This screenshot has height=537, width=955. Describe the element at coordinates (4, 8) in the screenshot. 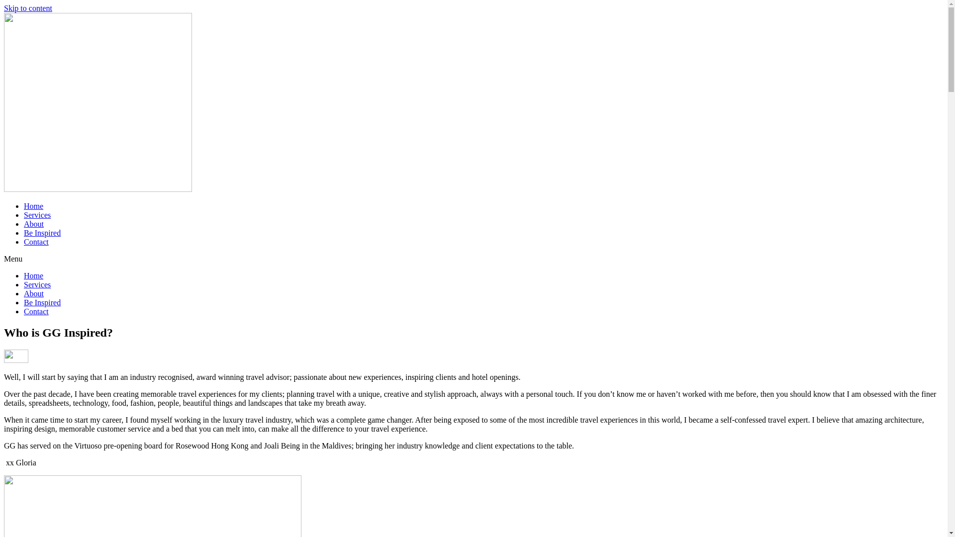

I see `'Skip to content'` at that location.